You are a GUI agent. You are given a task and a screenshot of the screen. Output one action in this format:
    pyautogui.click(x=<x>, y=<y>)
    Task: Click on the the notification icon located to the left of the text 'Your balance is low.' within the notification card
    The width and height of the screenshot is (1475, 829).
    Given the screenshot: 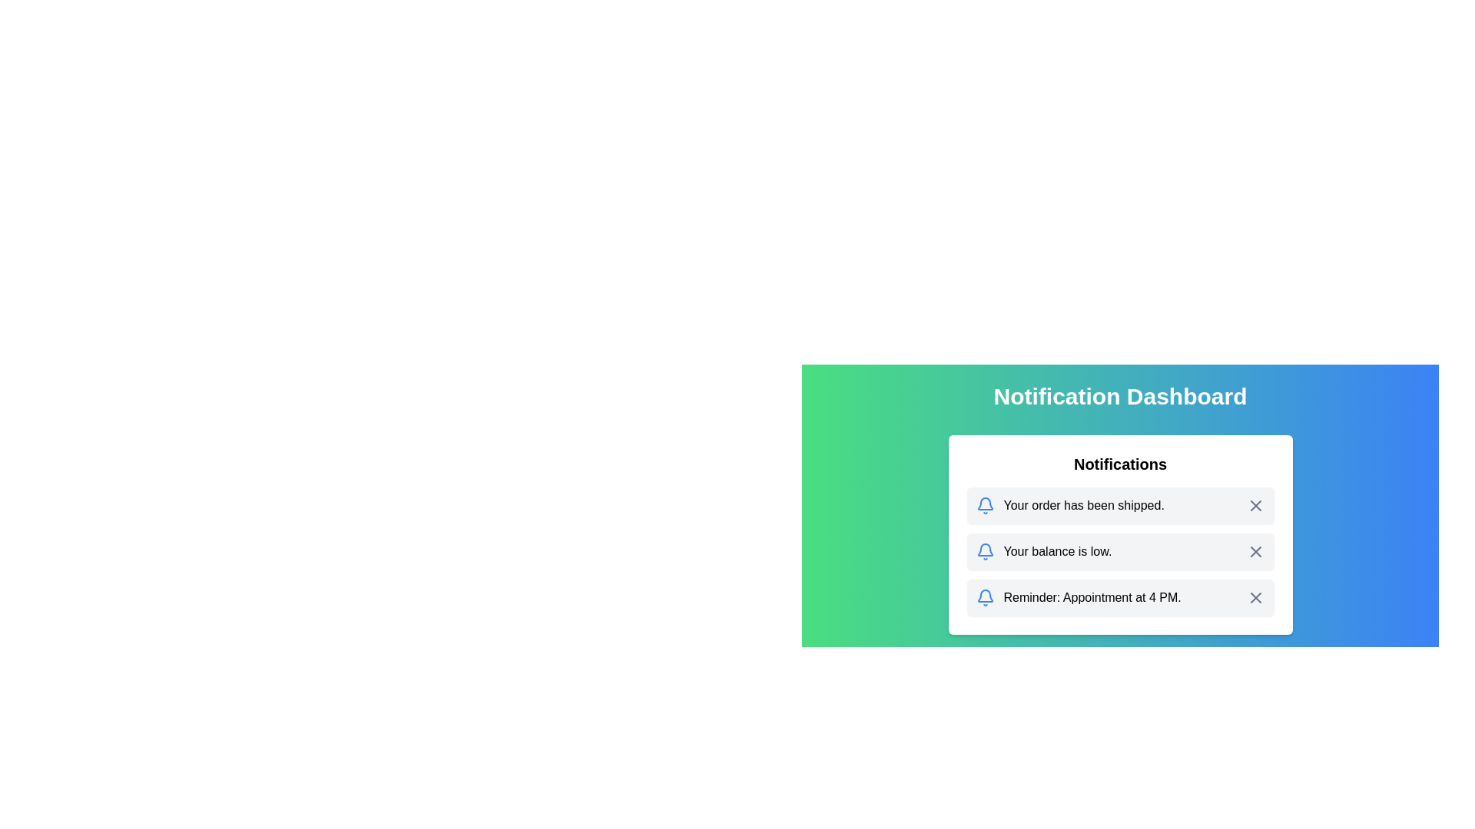 What is the action you would take?
    pyautogui.click(x=985, y=550)
    